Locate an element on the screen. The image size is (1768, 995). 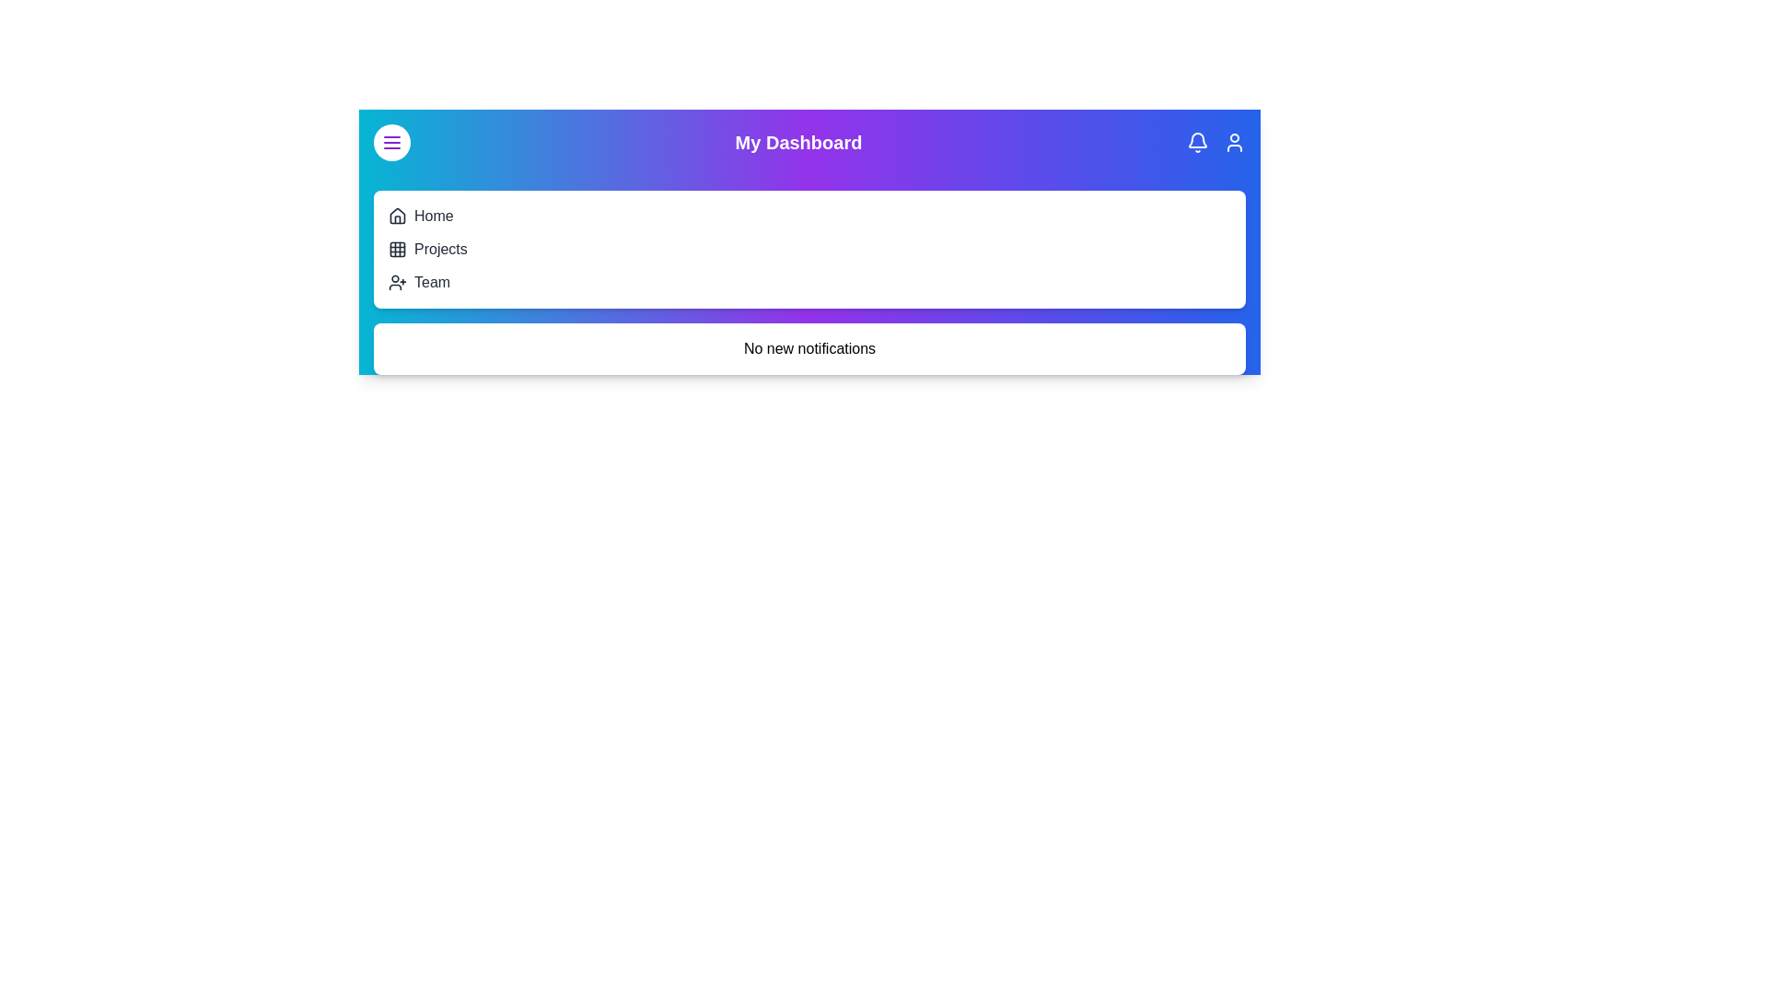
the menu toggle button to toggle the menu visibility is located at coordinates (391, 141).